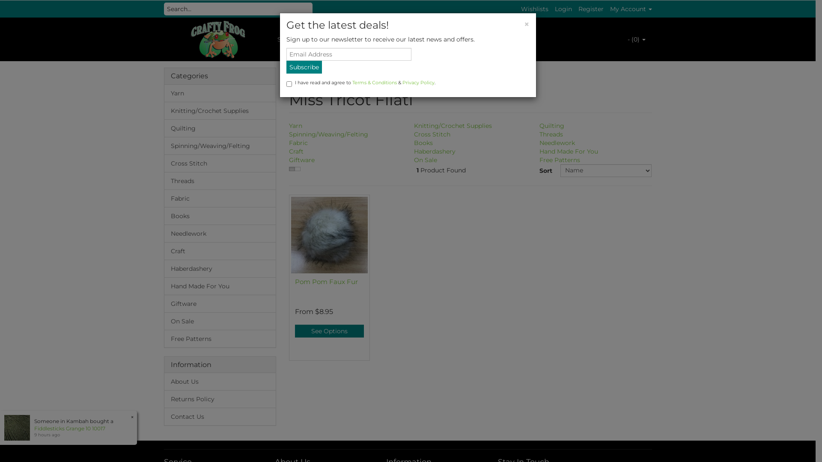  What do you see at coordinates (304, 67) in the screenshot?
I see `'Subscribe'` at bounding box center [304, 67].